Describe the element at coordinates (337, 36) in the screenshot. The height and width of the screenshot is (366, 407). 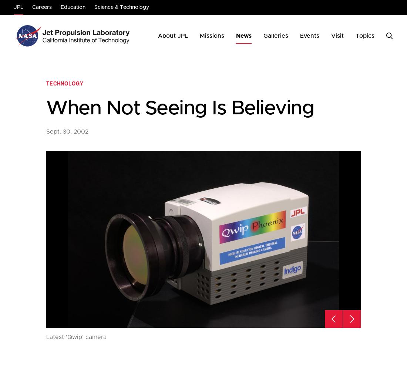
I see `'Visit'` at that location.